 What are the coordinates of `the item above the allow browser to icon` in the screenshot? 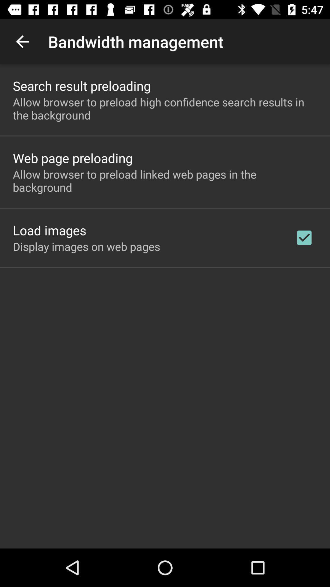 It's located at (81, 85).